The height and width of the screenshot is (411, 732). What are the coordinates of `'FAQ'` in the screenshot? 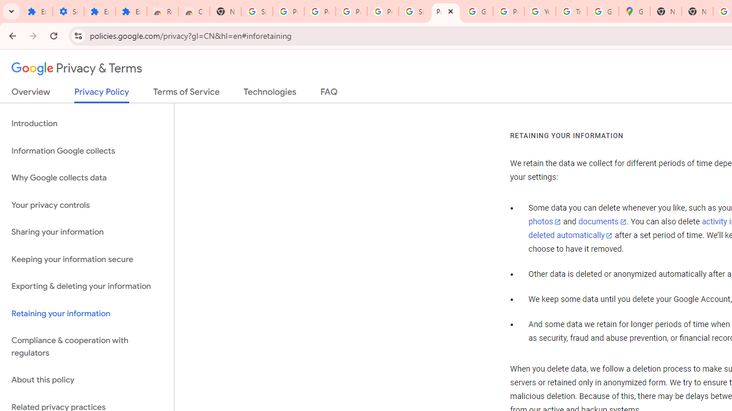 It's located at (329, 94).